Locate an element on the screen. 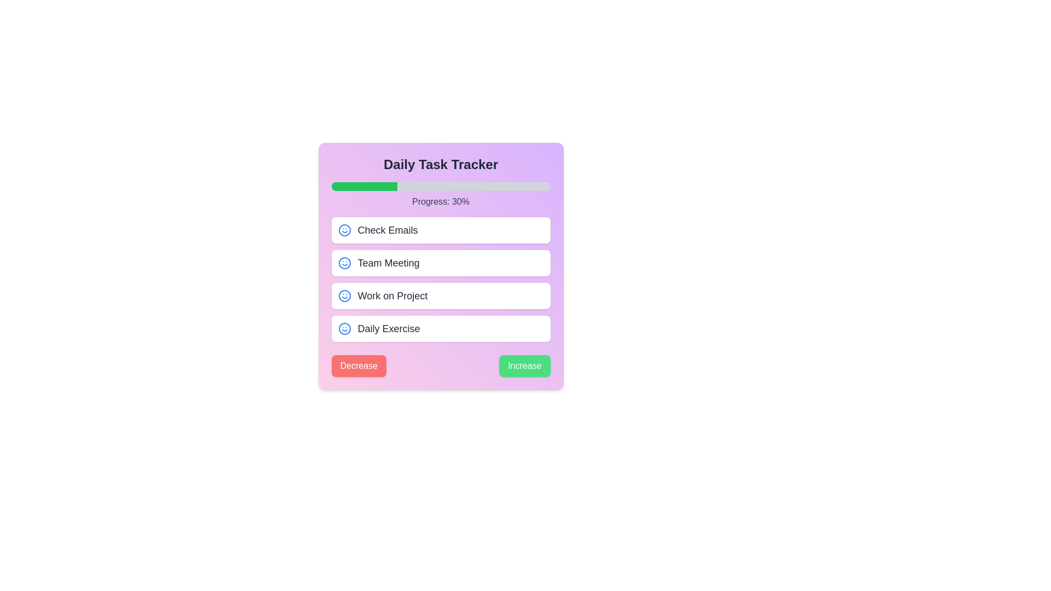 The height and width of the screenshot is (591, 1051). the 'Decrease' button is located at coordinates (359, 366).